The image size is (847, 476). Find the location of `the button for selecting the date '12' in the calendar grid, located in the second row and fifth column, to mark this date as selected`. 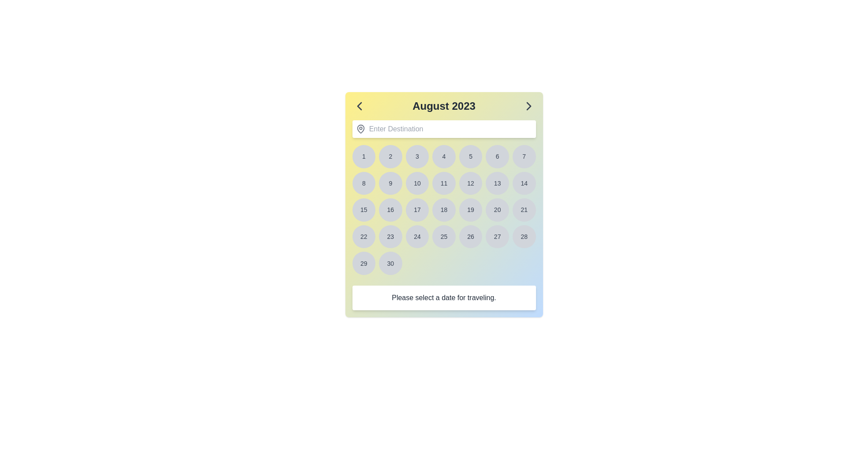

the button for selecting the date '12' in the calendar grid, located in the second row and fifth column, to mark this date as selected is located at coordinates (470, 182).